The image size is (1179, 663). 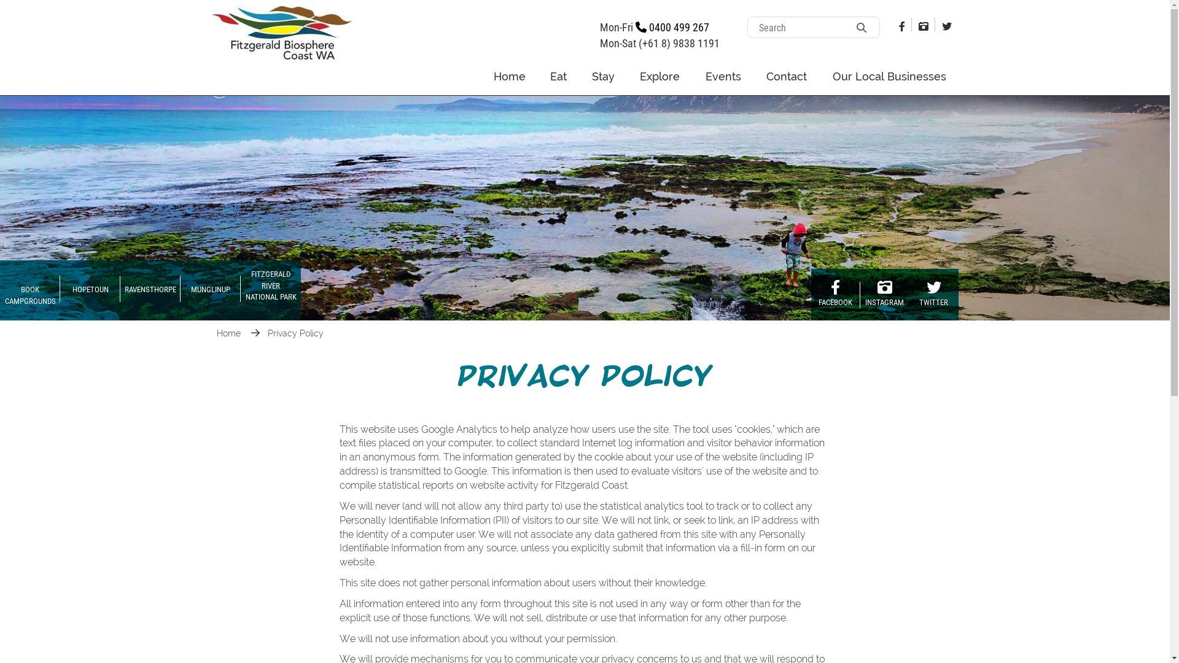 I want to click on 'Contact', so click(x=753, y=76).